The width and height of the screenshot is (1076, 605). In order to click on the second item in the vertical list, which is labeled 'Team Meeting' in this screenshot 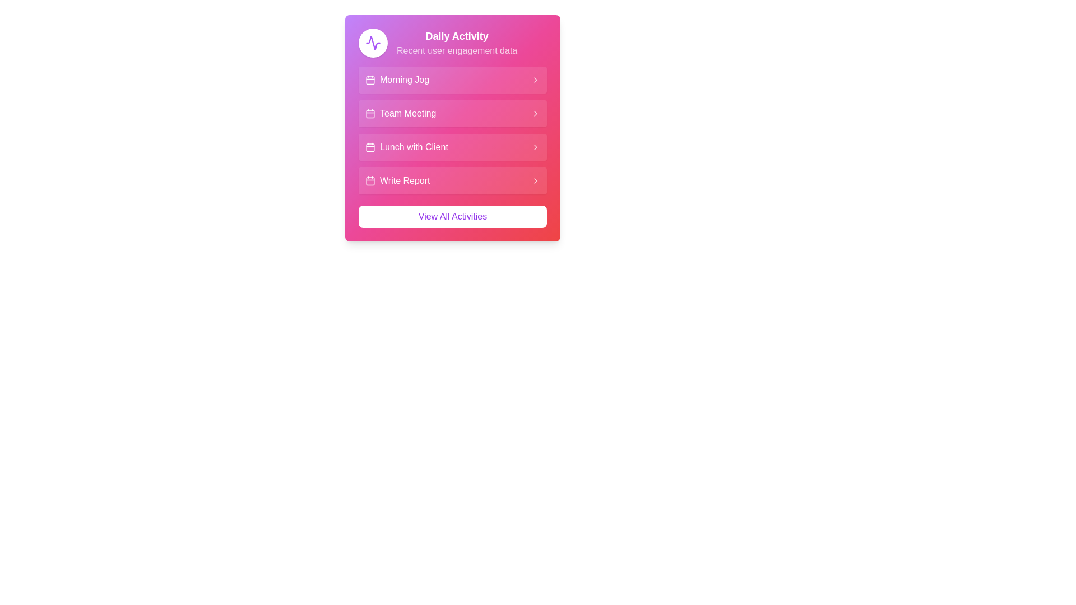, I will do `click(452, 114)`.